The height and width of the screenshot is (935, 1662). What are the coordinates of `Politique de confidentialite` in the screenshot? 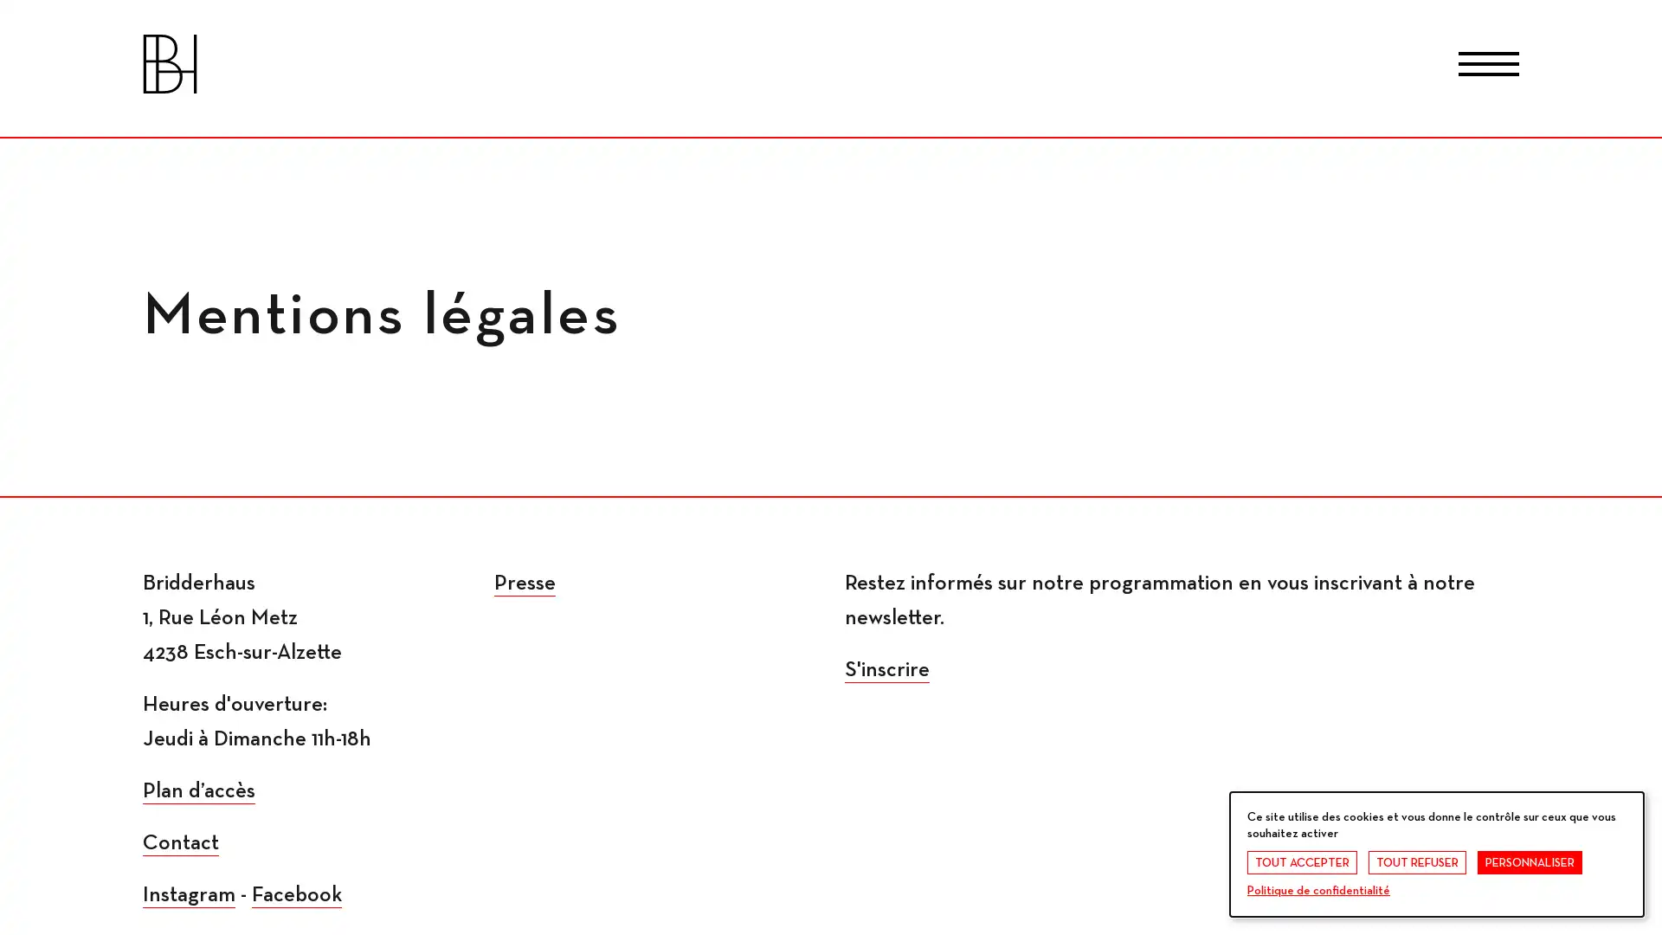 It's located at (1317, 891).